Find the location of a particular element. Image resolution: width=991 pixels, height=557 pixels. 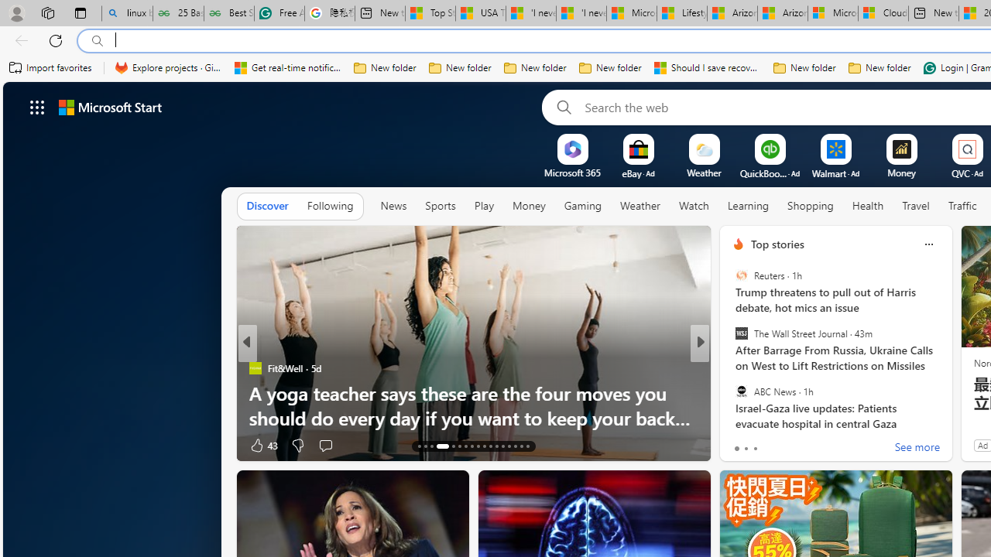

'AutomationID: tab-18' is located at coordinates (458, 446).